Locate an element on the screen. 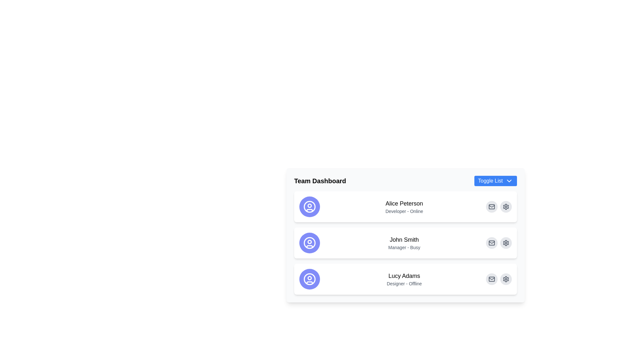 The image size is (620, 349). the user profile icon representing 'Alice Peterson', located on the left side of the first row in the user profiles section of the dashboard is located at coordinates (309, 207).